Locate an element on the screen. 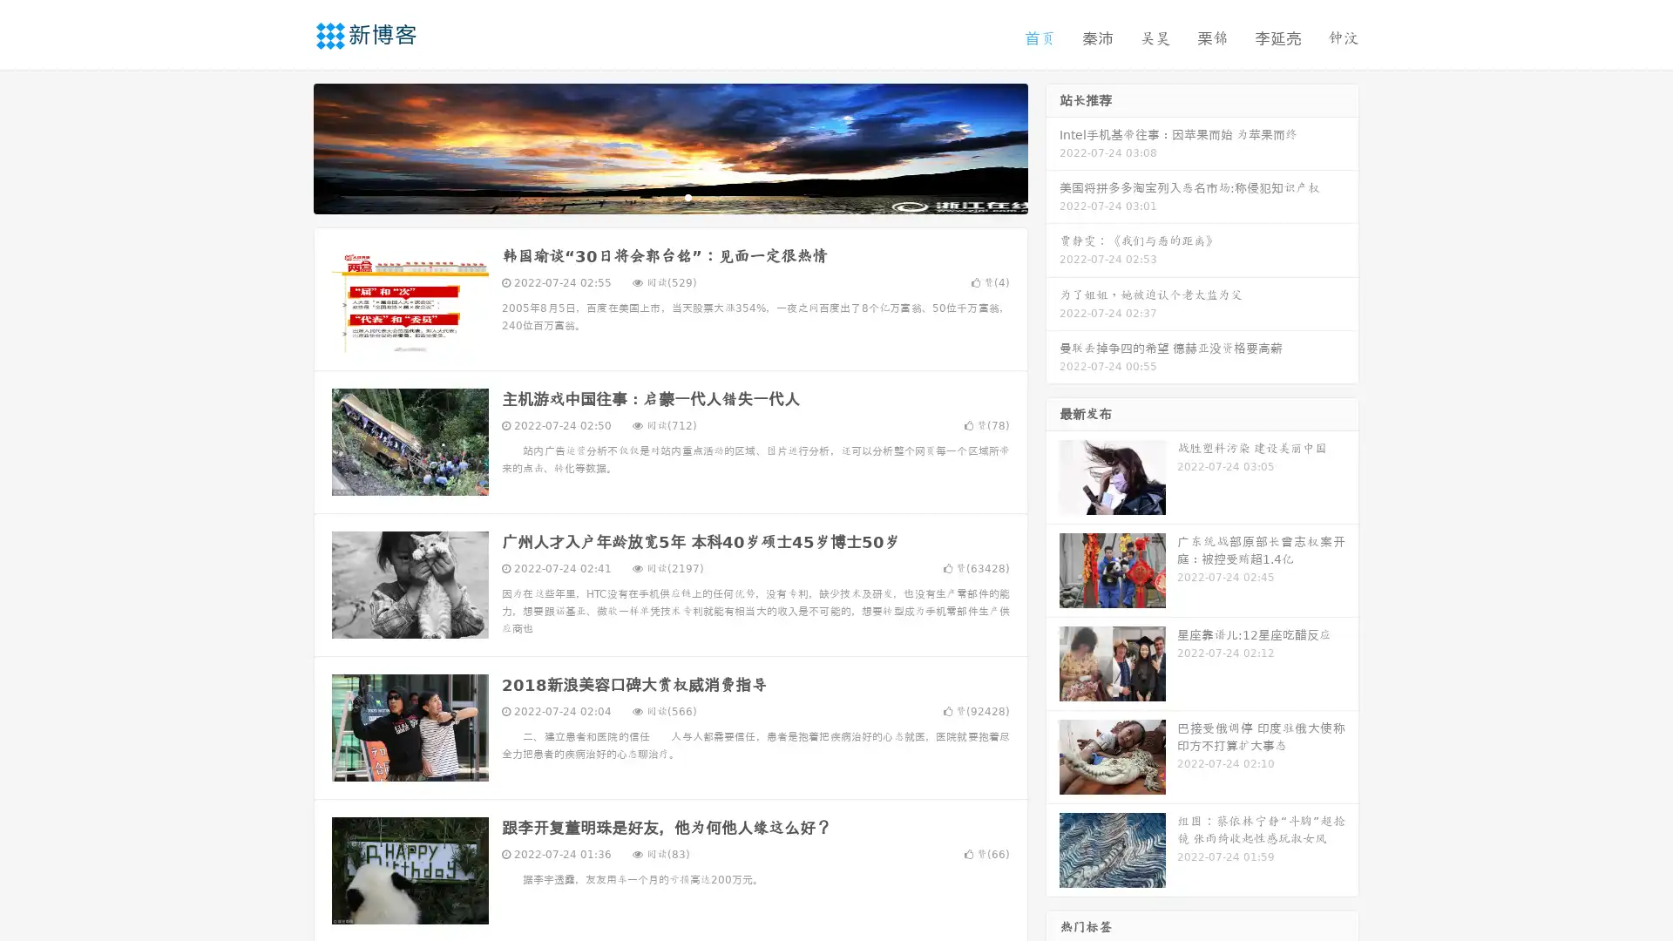 This screenshot has height=941, width=1673. Go to slide 3 is located at coordinates (687, 196).